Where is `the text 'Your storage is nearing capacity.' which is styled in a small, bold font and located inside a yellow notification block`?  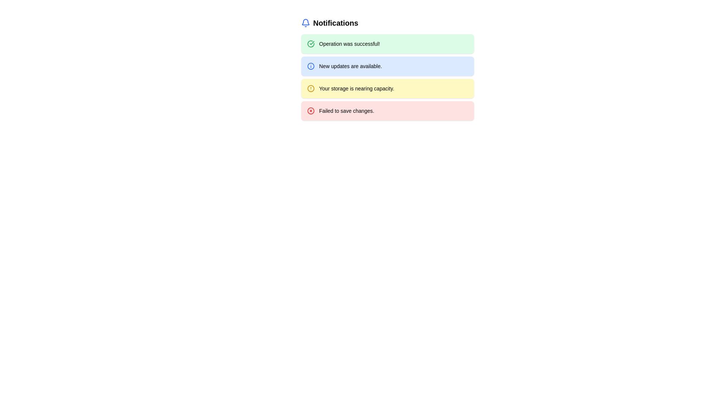
the text 'Your storage is nearing capacity.' which is styled in a small, bold font and located inside a yellow notification block is located at coordinates (356, 88).